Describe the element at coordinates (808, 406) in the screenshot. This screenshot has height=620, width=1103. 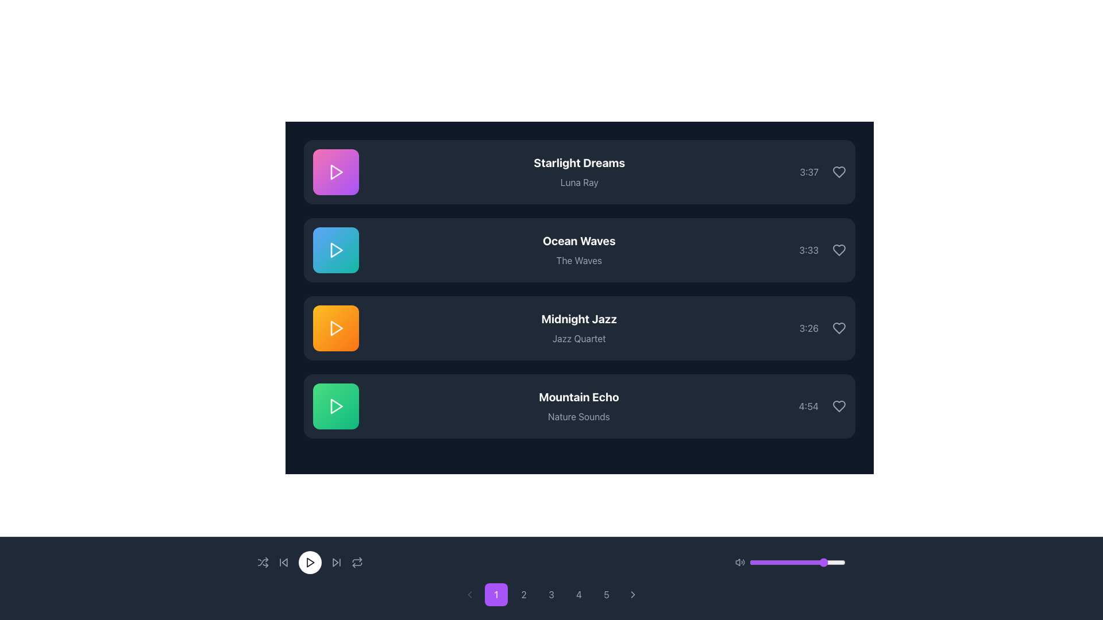
I see `the textual label displaying '4:54' in light gray color, located at the bottom right corner of the entry row for the song 'Mountain Echo' by 'Nature Sounds'` at that location.